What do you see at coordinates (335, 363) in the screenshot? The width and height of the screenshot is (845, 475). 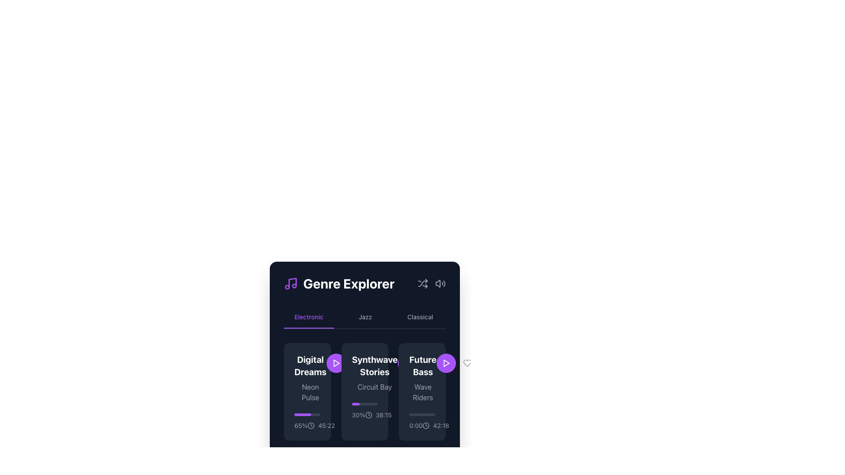 I see `the circular purple button containing a white triangular play icon to observe its hover effect` at bounding box center [335, 363].